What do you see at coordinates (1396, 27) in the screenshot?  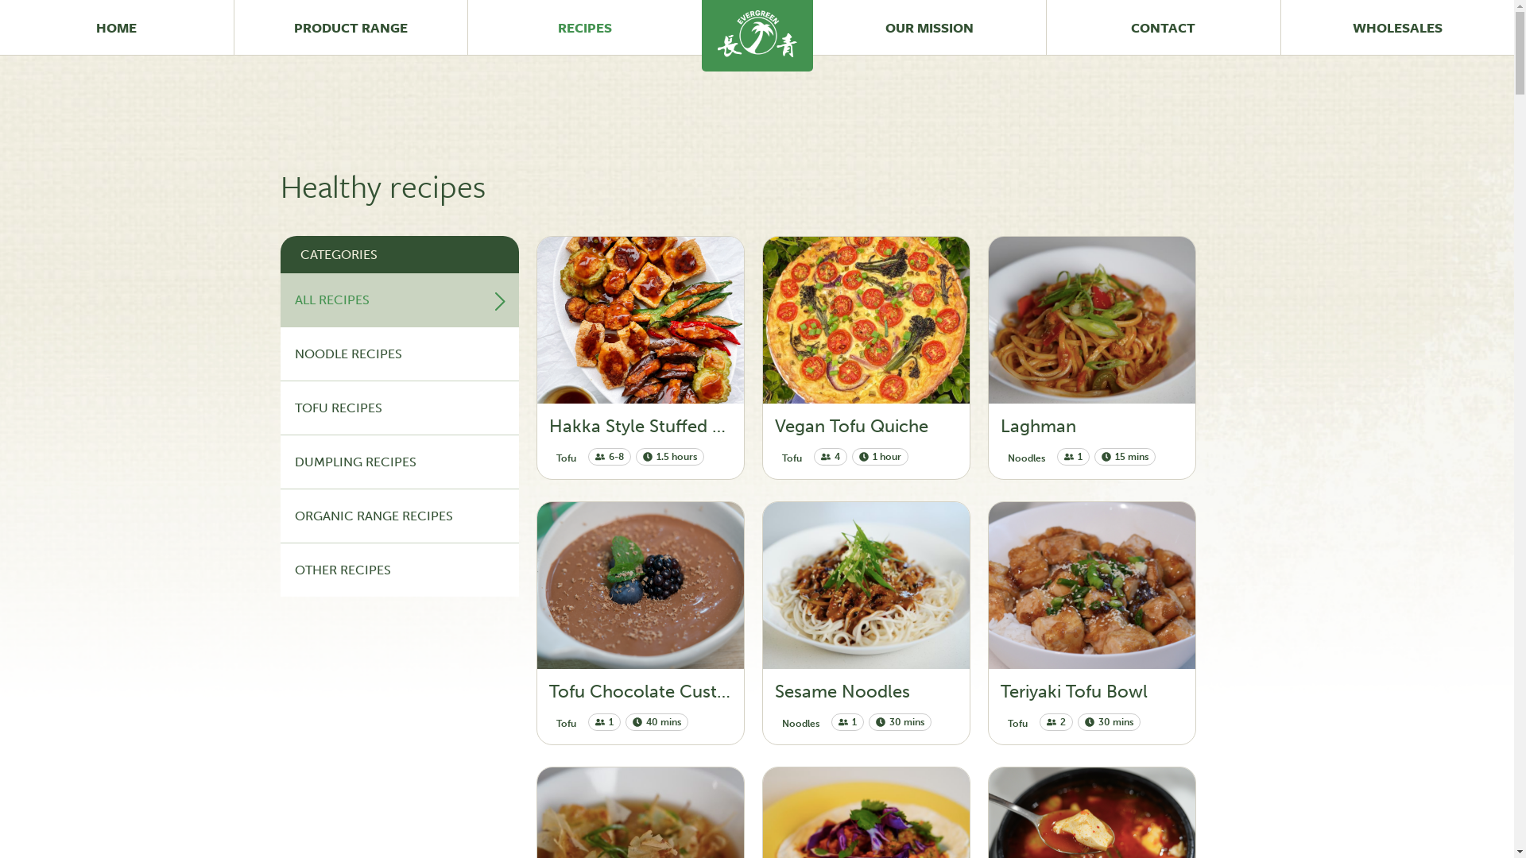 I see `'WHOLESALES'` at bounding box center [1396, 27].